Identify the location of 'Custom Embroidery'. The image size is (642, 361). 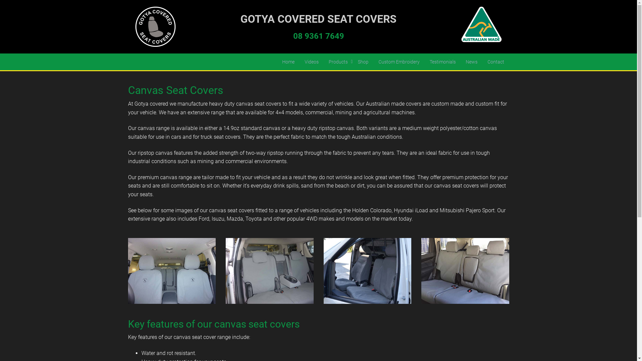
(399, 62).